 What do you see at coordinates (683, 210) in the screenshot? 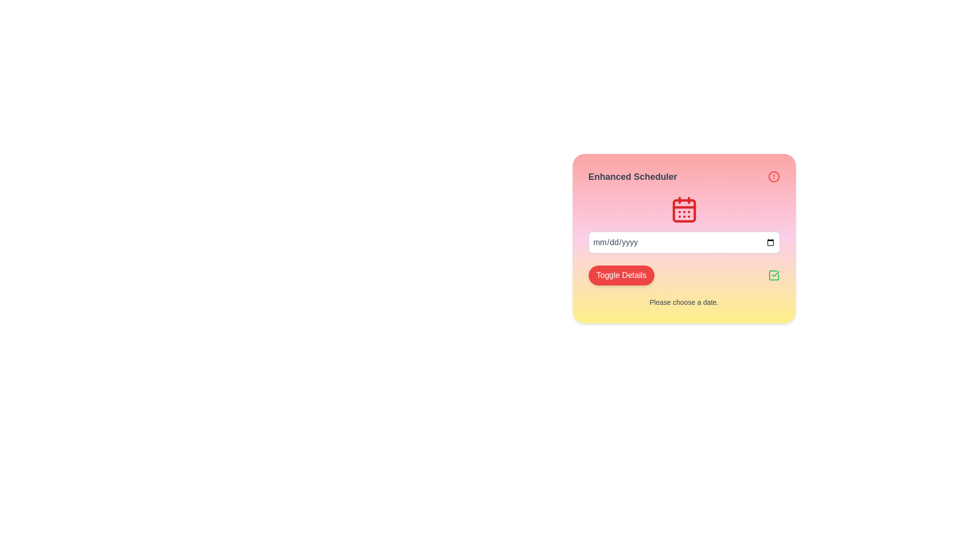
I see `the date block within the calendar icon located centrally in the pink-colored section of the widget` at bounding box center [683, 210].